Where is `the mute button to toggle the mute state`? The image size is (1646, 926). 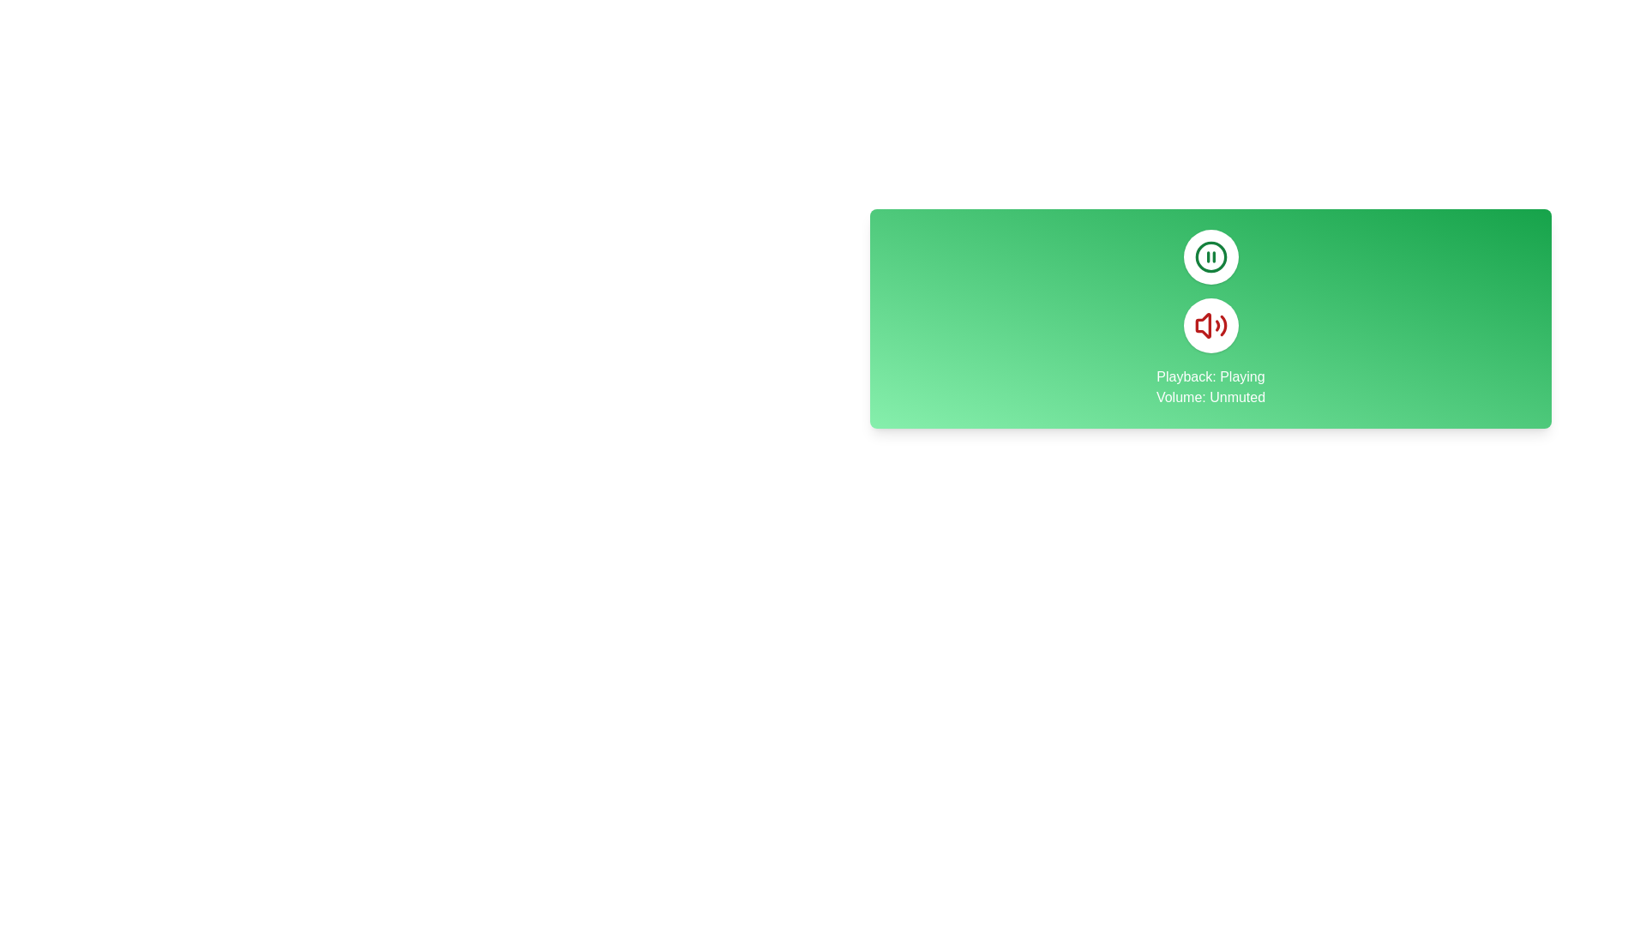
the mute button to toggle the mute state is located at coordinates (1210, 326).